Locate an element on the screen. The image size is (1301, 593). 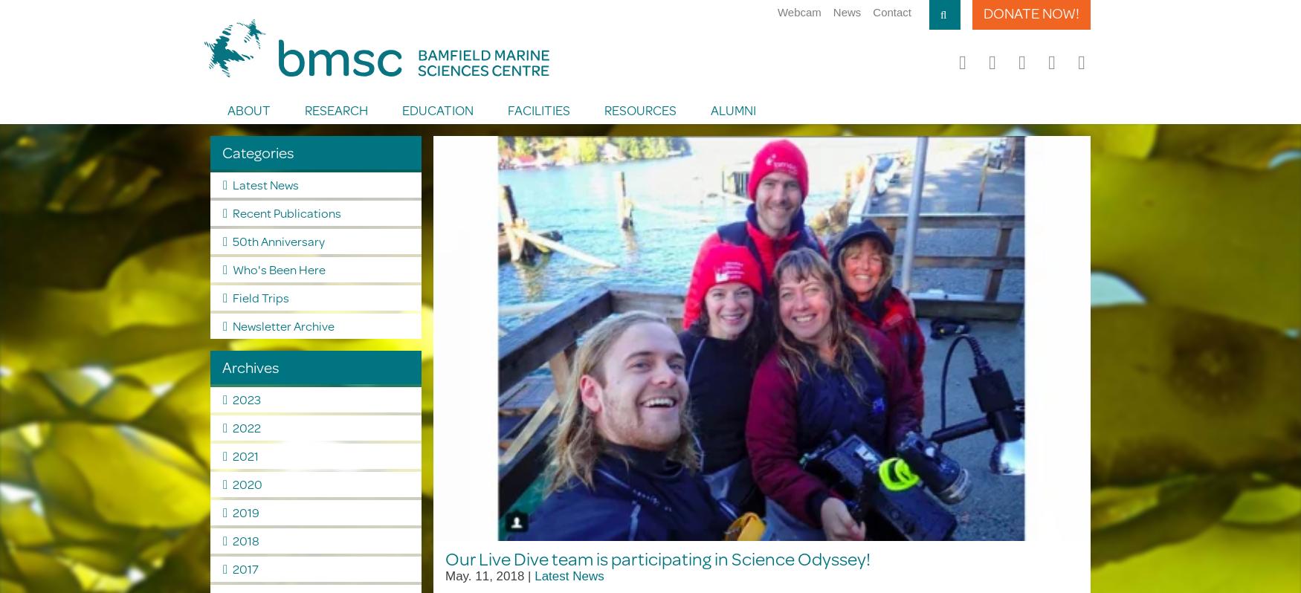
'Newsletter Archive' is located at coordinates (282, 325).